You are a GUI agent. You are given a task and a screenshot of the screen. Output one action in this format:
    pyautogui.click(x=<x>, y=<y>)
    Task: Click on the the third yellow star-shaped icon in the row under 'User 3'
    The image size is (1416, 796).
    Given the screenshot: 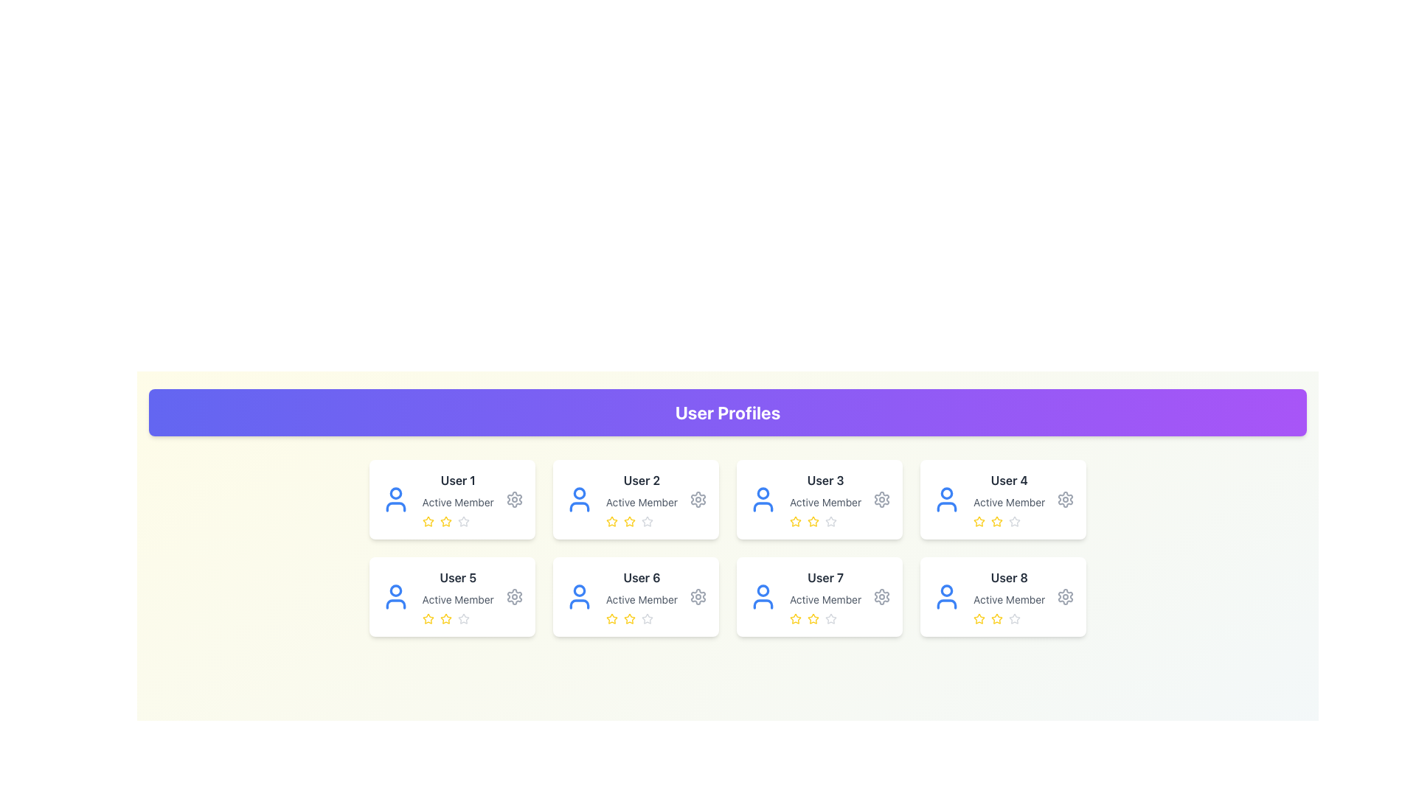 What is the action you would take?
    pyautogui.click(x=813, y=521)
    